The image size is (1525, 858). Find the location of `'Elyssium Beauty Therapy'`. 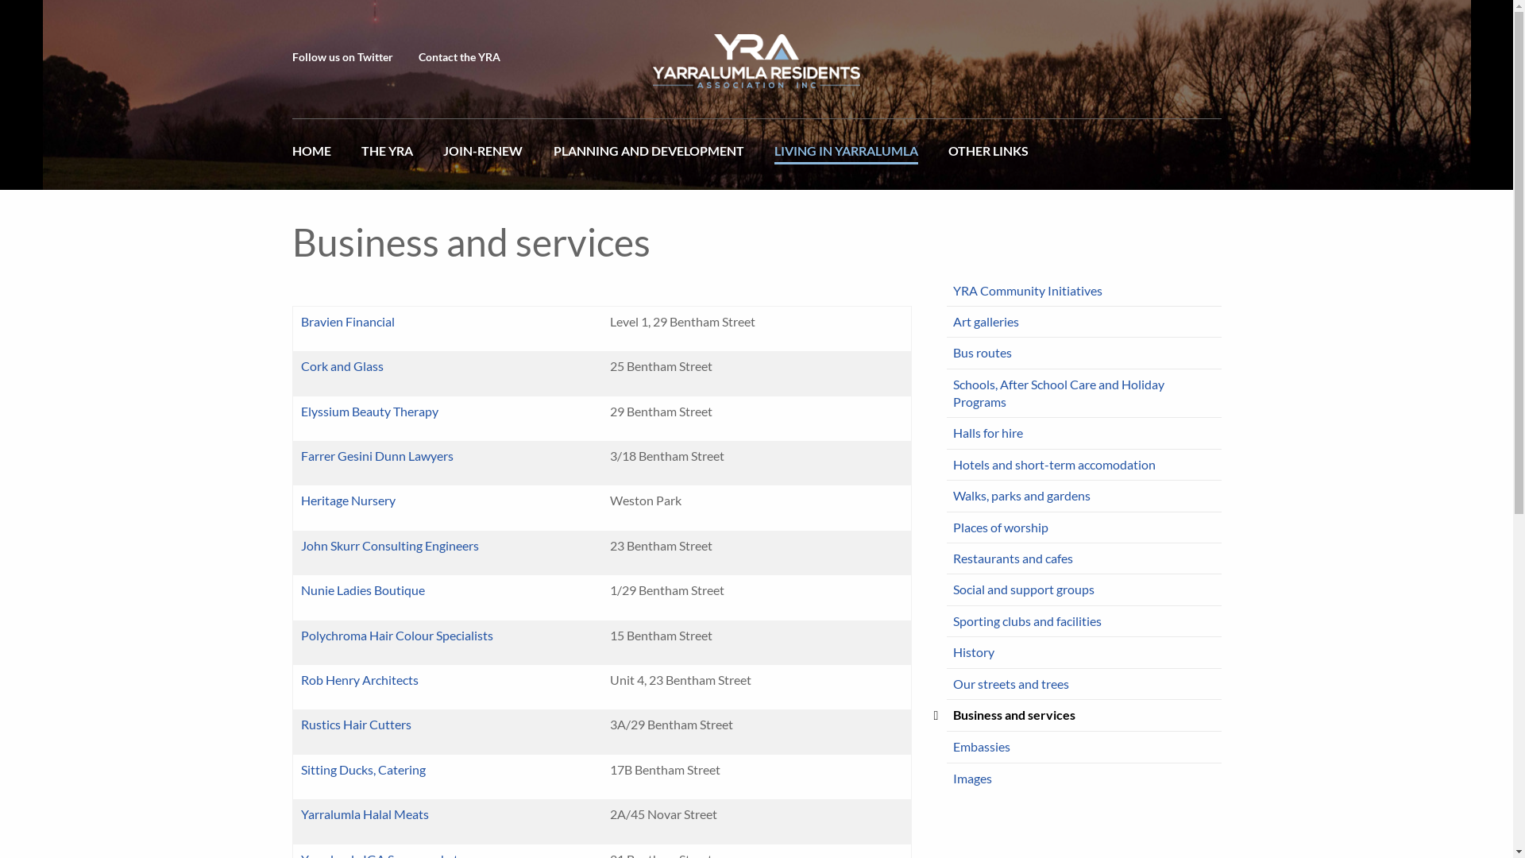

'Elyssium Beauty Therapy' is located at coordinates (368, 410).